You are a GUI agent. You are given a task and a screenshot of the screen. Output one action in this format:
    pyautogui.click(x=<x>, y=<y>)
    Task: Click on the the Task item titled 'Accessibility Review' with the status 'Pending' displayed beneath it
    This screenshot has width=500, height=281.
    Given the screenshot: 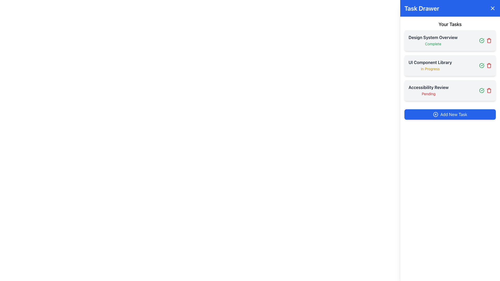 What is the action you would take?
    pyautogui.click(x=428, y=90)
    